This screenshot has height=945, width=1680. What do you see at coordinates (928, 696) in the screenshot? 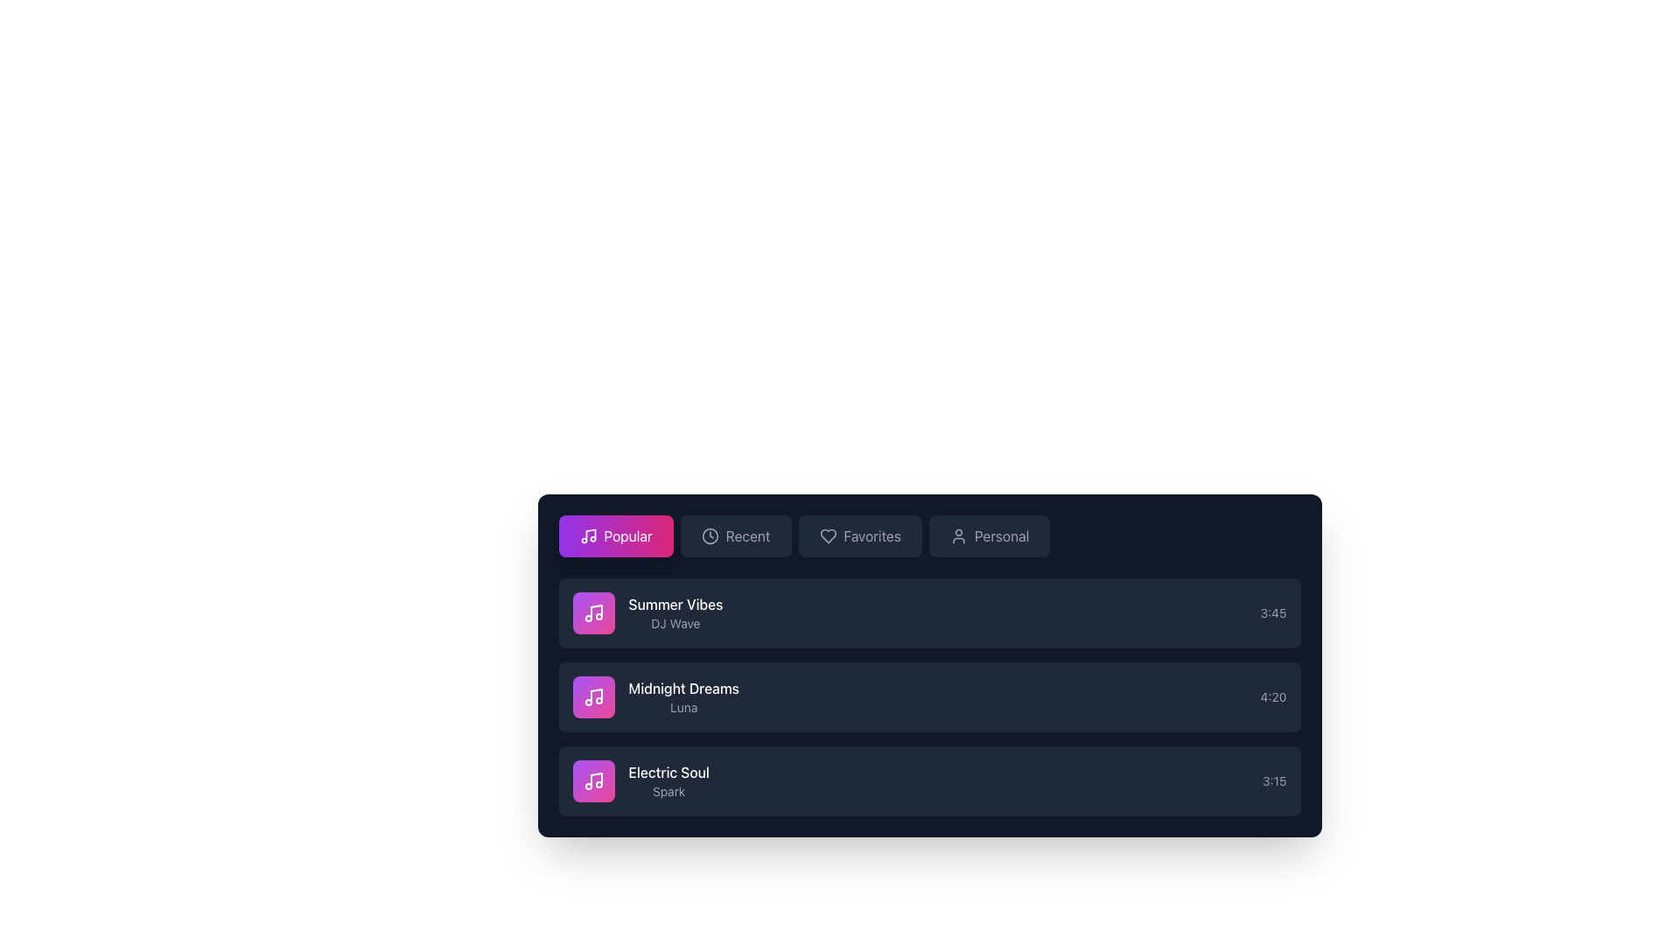
I see `the second interactive music track item in the list` at bounding box center [928, 696].